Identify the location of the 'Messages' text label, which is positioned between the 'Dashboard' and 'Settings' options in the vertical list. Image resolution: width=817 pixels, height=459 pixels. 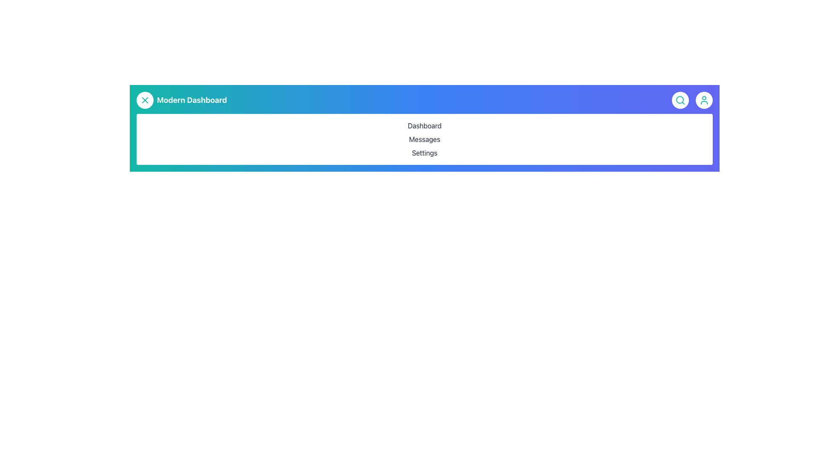
(425, 139).